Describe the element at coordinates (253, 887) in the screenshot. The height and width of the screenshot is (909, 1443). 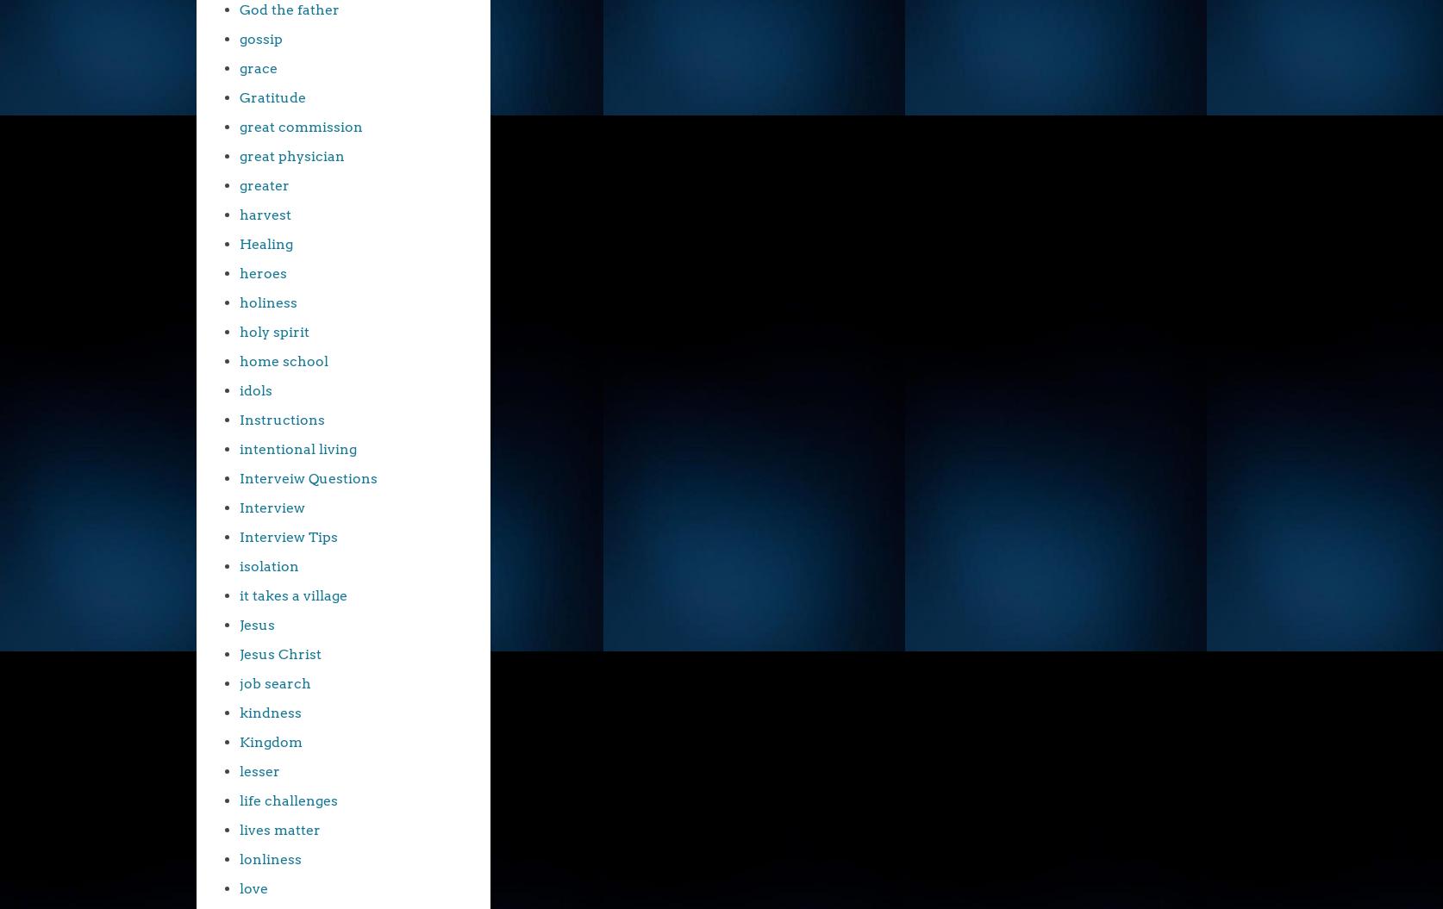
I see `'love'` at that location.